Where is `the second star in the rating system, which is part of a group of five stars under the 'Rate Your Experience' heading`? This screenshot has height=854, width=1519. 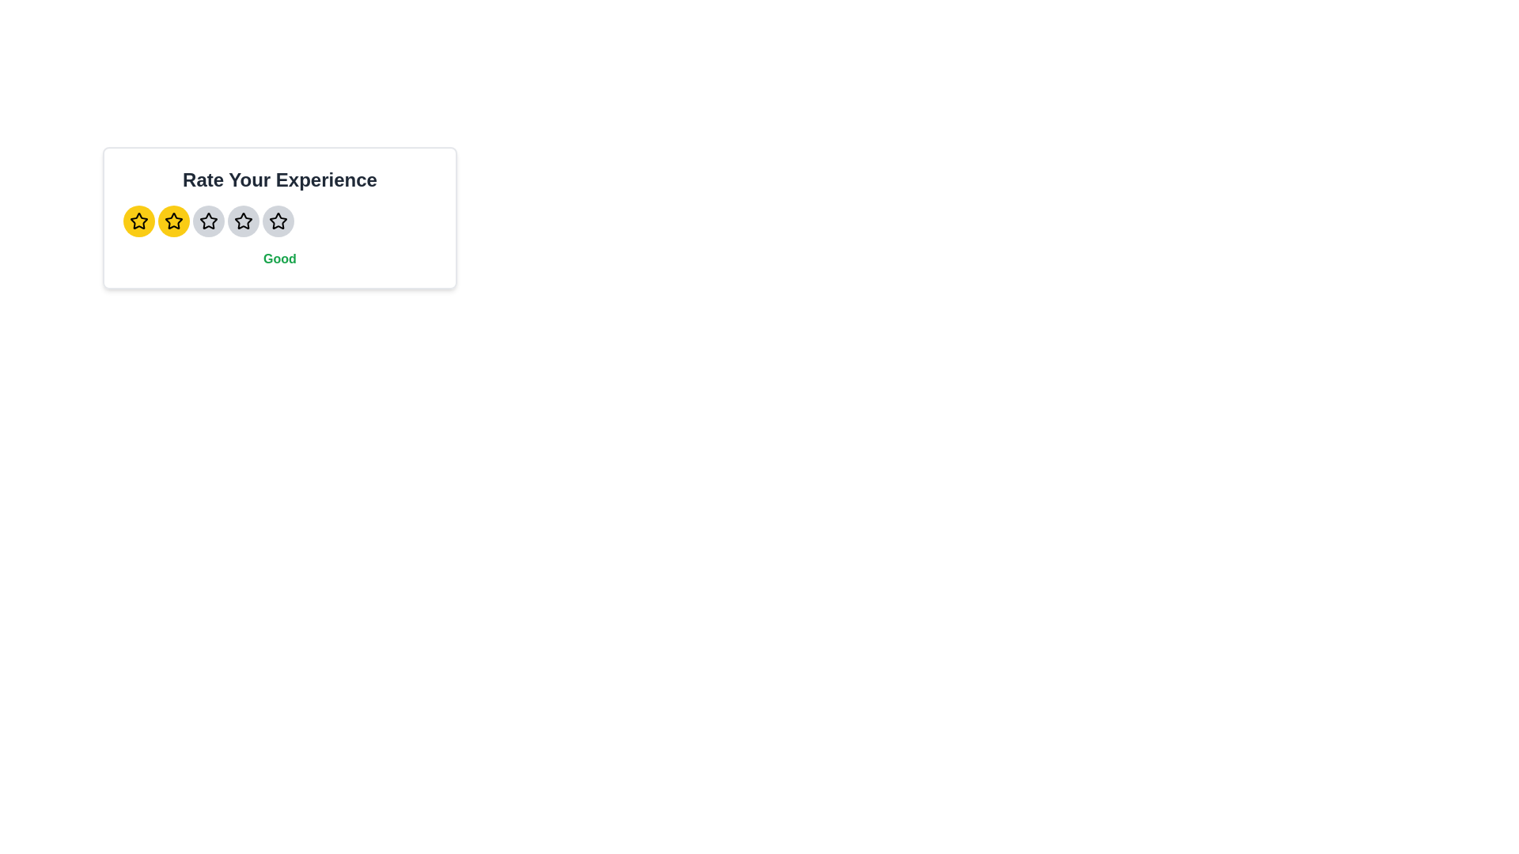 the second star in the rating system, which is part of a group of five stars under the 'Rate Your Experience' heading is located at coordinates (208, 221).